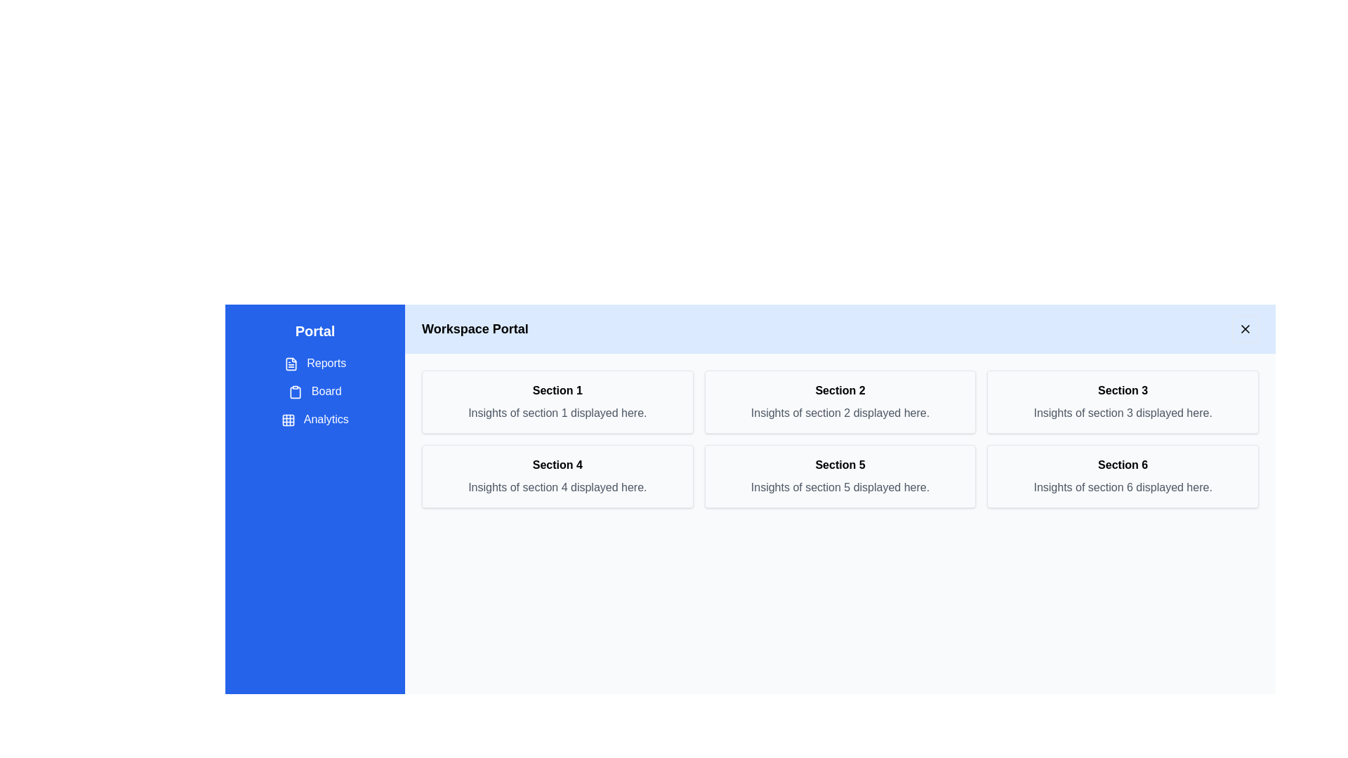 Image resolution: width=1348 pixels, height=758 pixels. I want to click on the rectangular document file icon located in the sidebar next to the 'Reports' text, so click(290, 363).